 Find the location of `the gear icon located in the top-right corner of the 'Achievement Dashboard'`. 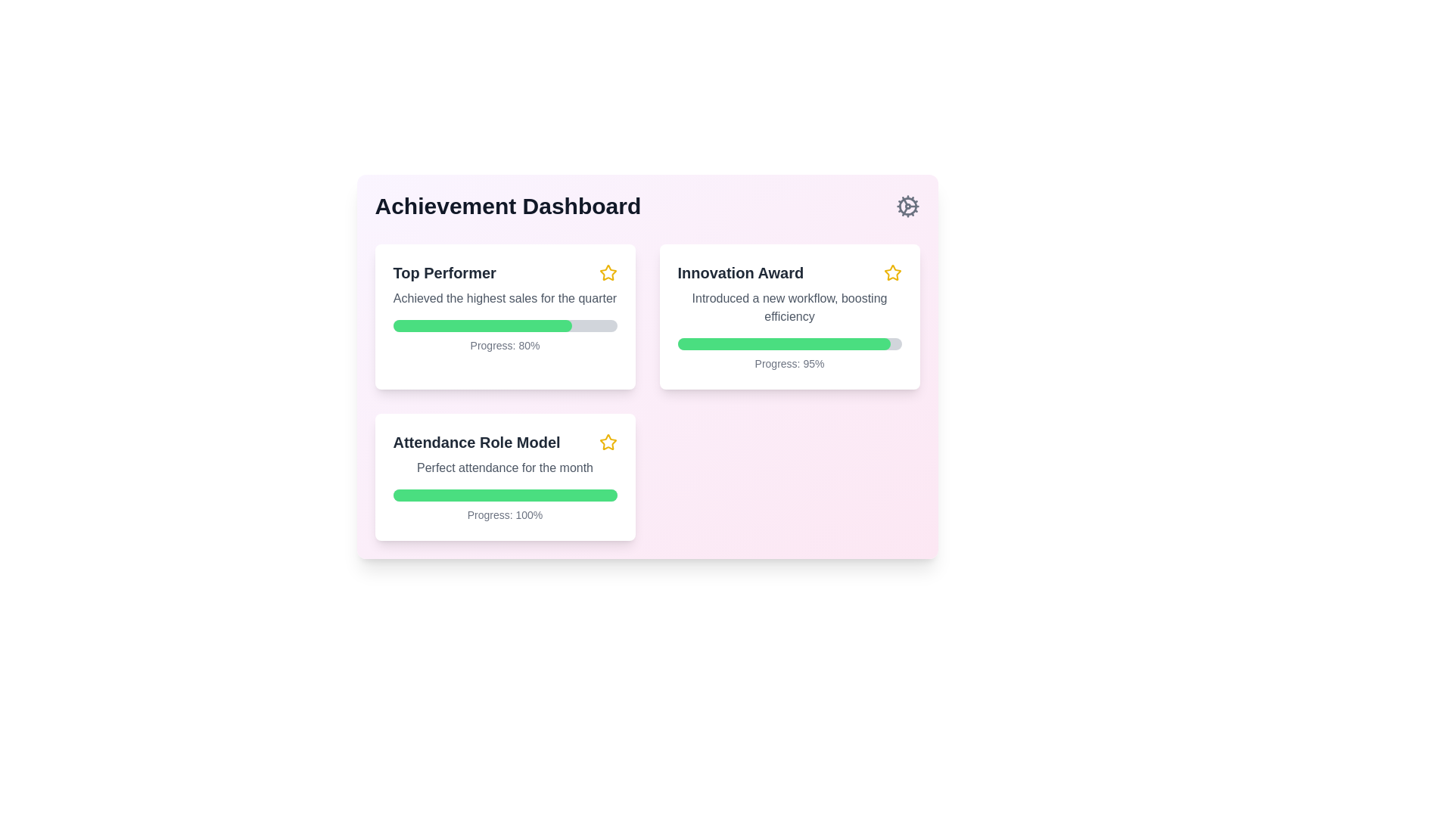

the gear icon located in the top-right corner of the 'Achievement Dashboard' is located at coordinates (907, 207).